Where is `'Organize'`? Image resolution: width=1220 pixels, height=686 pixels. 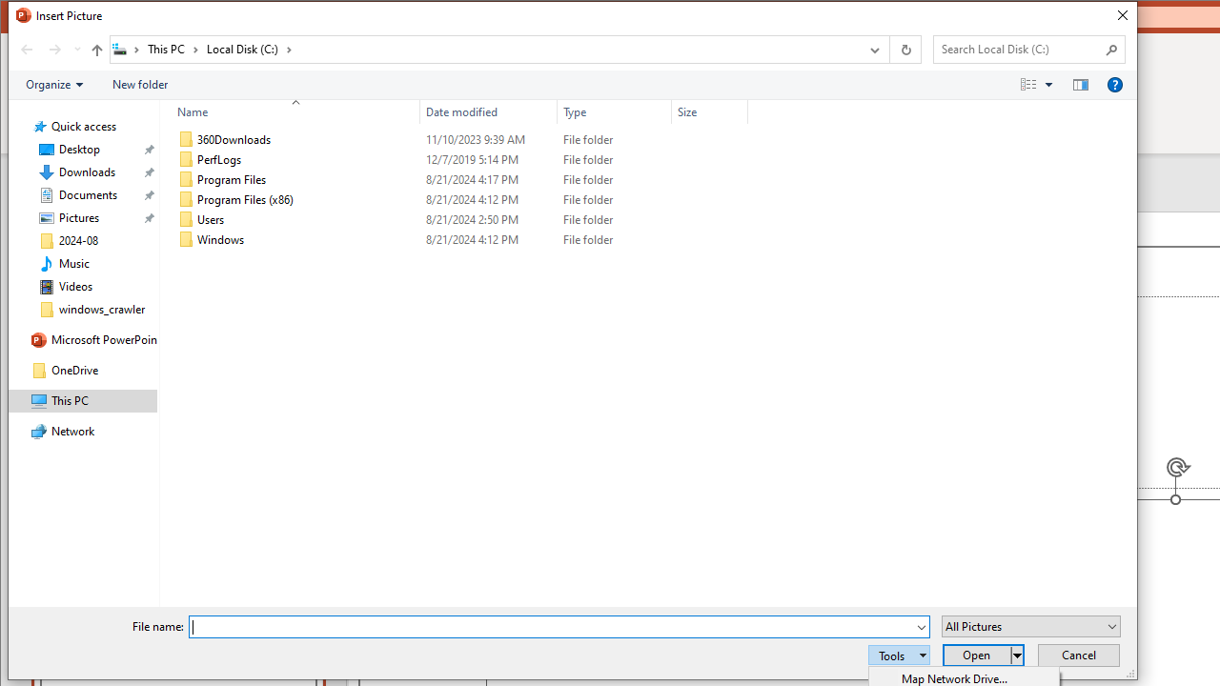
'Organize' is located at coordinates (53, 84).